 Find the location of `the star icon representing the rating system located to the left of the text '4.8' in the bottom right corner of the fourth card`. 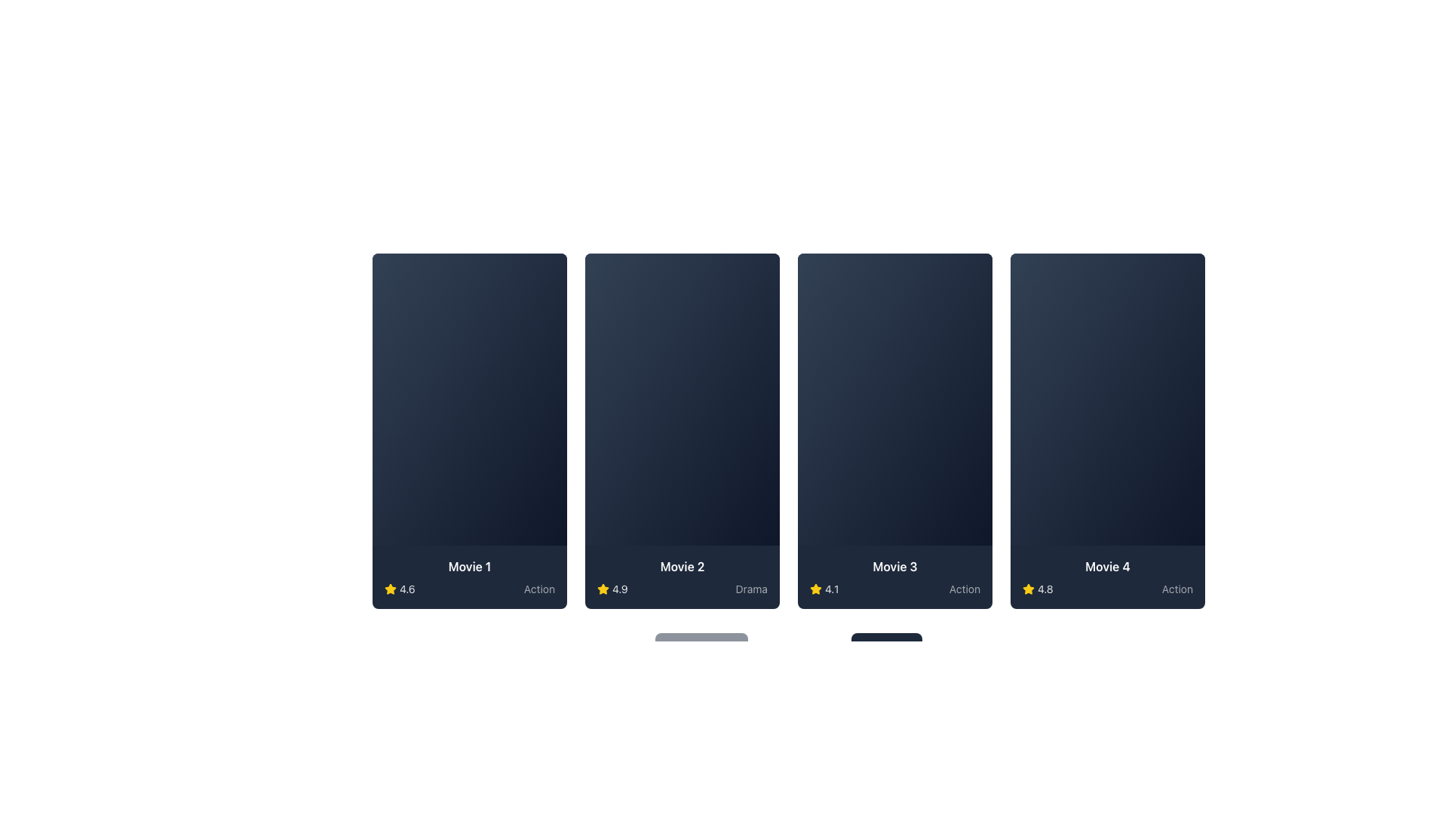

the star icon representing the rating system located to the left of the text '4.8' in the bottom right corner of the fourth card is located at coordinates (1027, 588).